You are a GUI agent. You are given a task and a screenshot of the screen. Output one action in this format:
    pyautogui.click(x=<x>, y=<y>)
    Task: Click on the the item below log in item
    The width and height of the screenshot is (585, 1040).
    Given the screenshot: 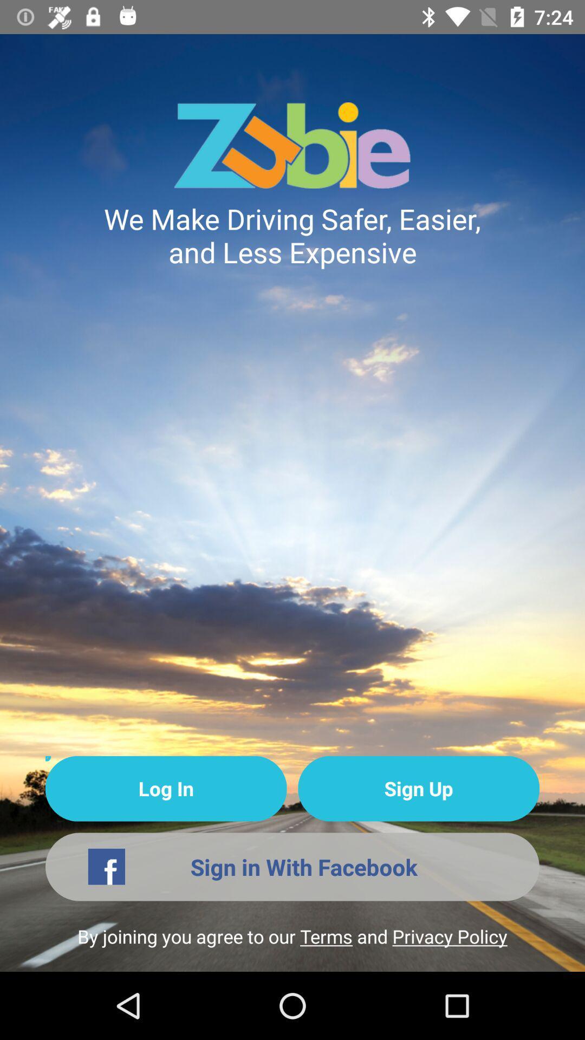 What is the action you would take?
    pyautogui.click(x=292, y=867)
    